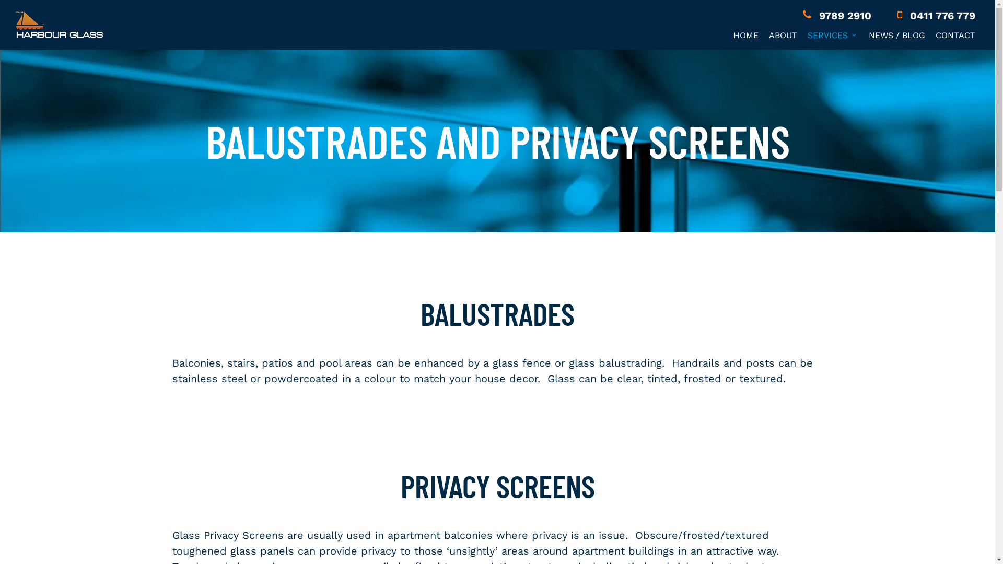 The image size is (1003, 564). What do you see at coordinates (745, 34) in the screenshot?
I see `'HOME'` at bounding box center [745, 34].